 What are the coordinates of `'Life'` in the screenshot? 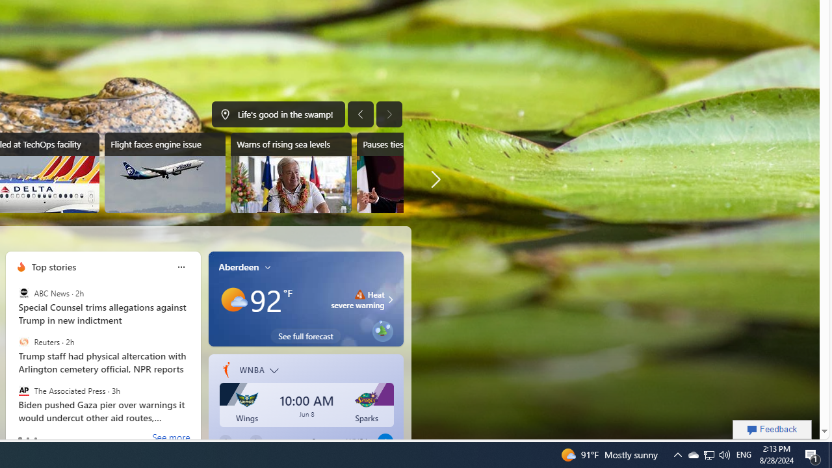 It's located at (278, 114).